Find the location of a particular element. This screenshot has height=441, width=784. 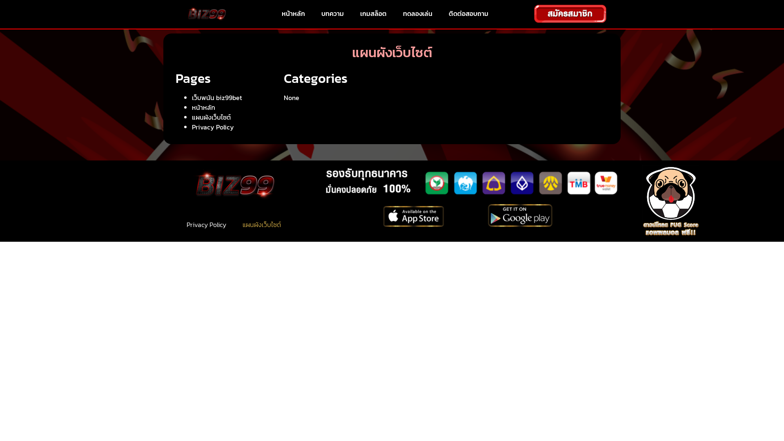

'Privacy Policy' is located at coordinates (178, 225).